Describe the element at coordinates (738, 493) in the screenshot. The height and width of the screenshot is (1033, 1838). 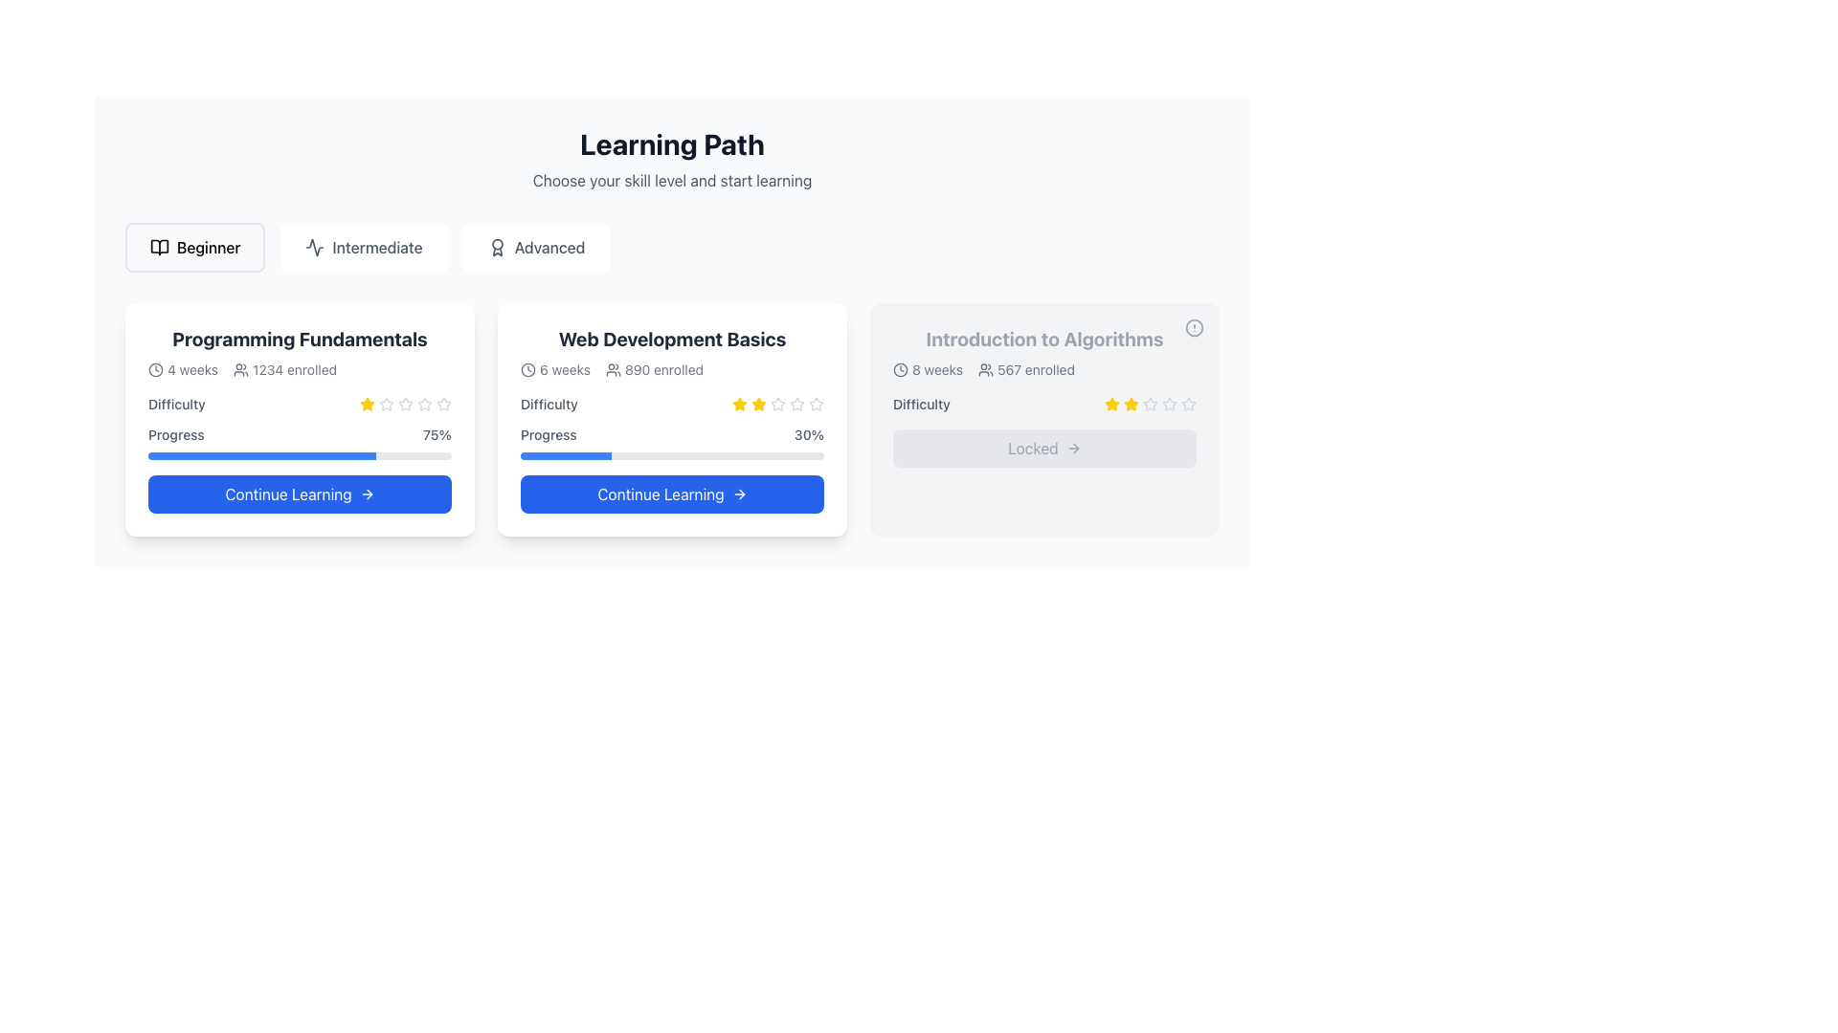
I see `the right-arrow icon located at the edge of the blue 'Continue Learning' button in the 'Web Development Basics' section to advance` at that location.